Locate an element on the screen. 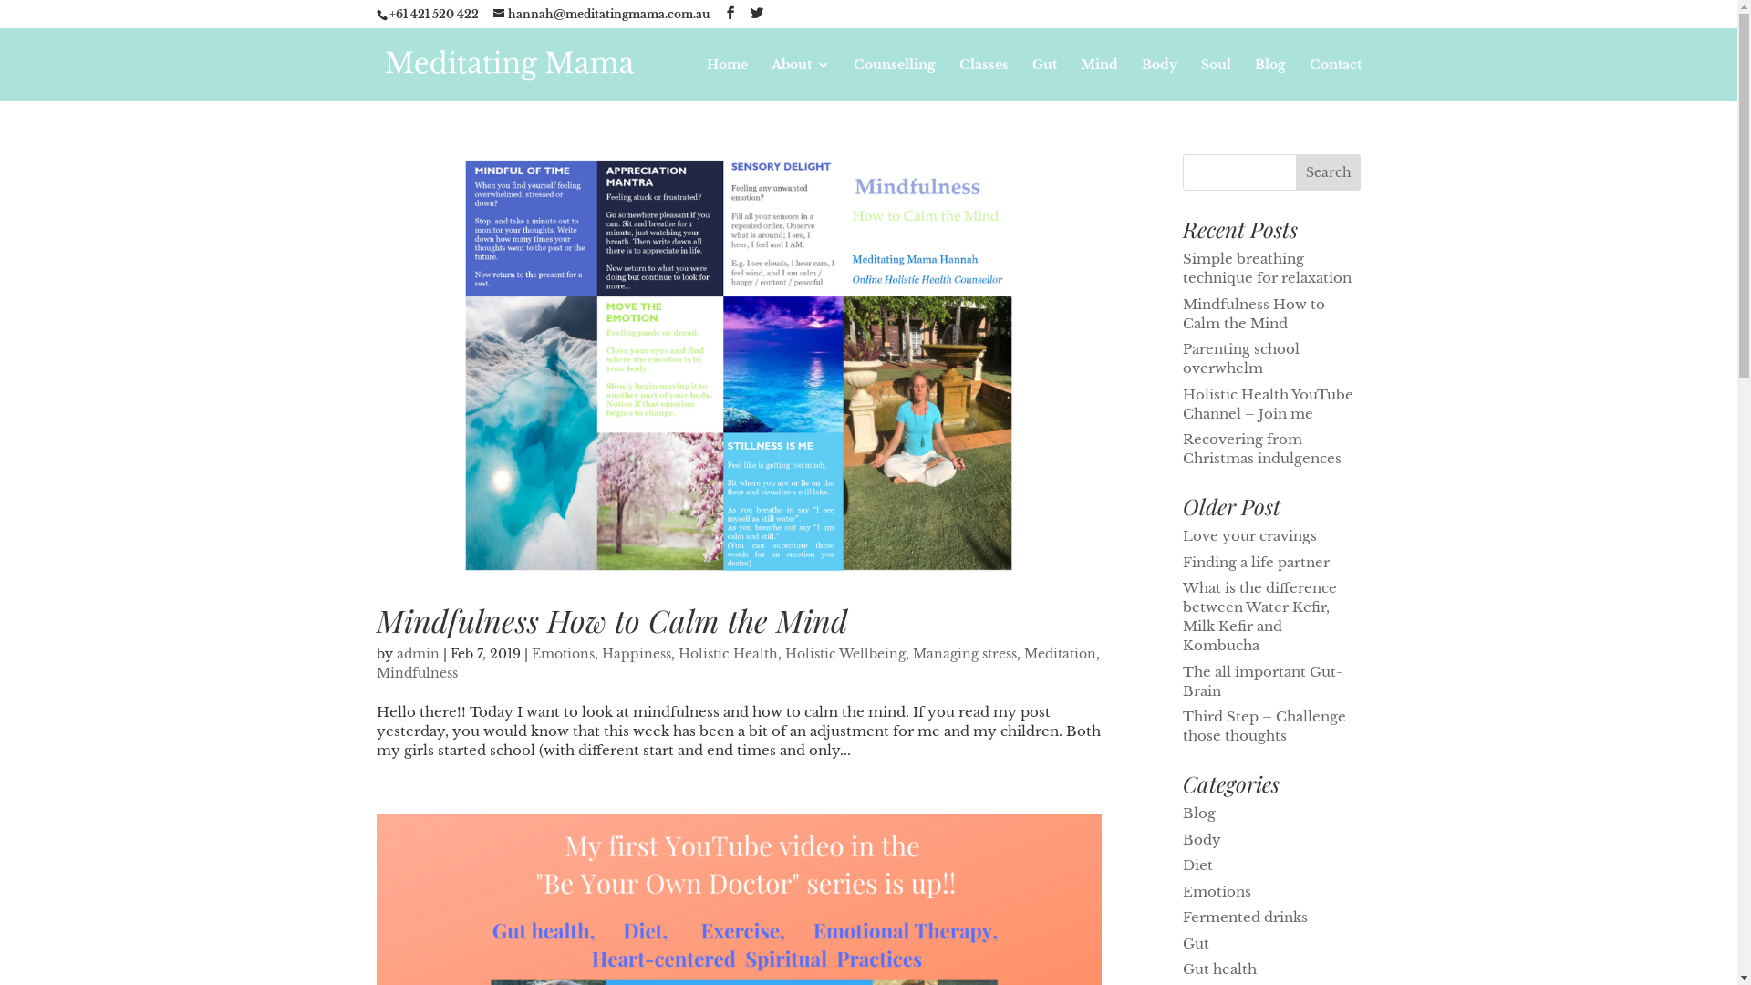 The width and height of the screenshot is (1751, 985). 'Holistic Wellbeing' is located at coordinates (844, 653).